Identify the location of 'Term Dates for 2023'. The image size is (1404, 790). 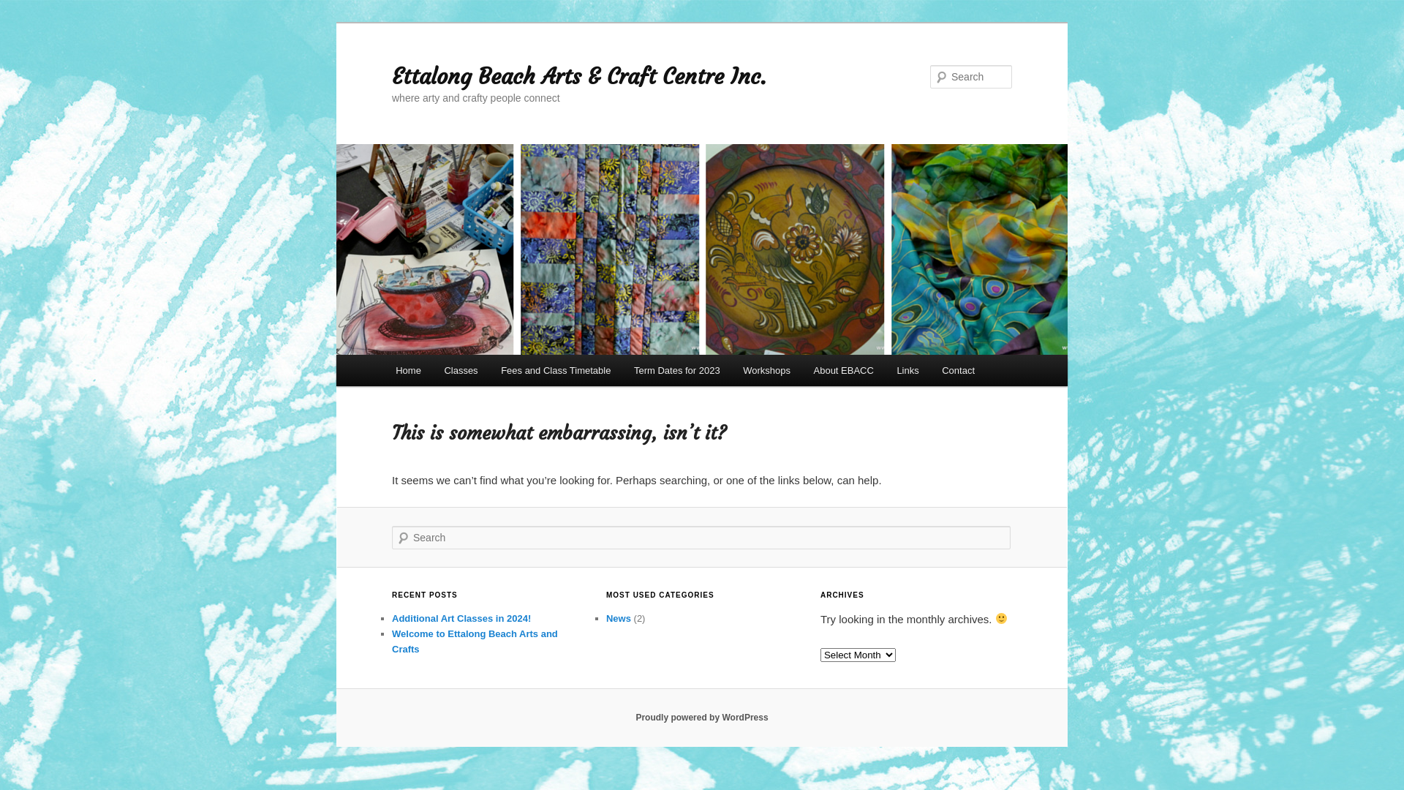
(676, 369).